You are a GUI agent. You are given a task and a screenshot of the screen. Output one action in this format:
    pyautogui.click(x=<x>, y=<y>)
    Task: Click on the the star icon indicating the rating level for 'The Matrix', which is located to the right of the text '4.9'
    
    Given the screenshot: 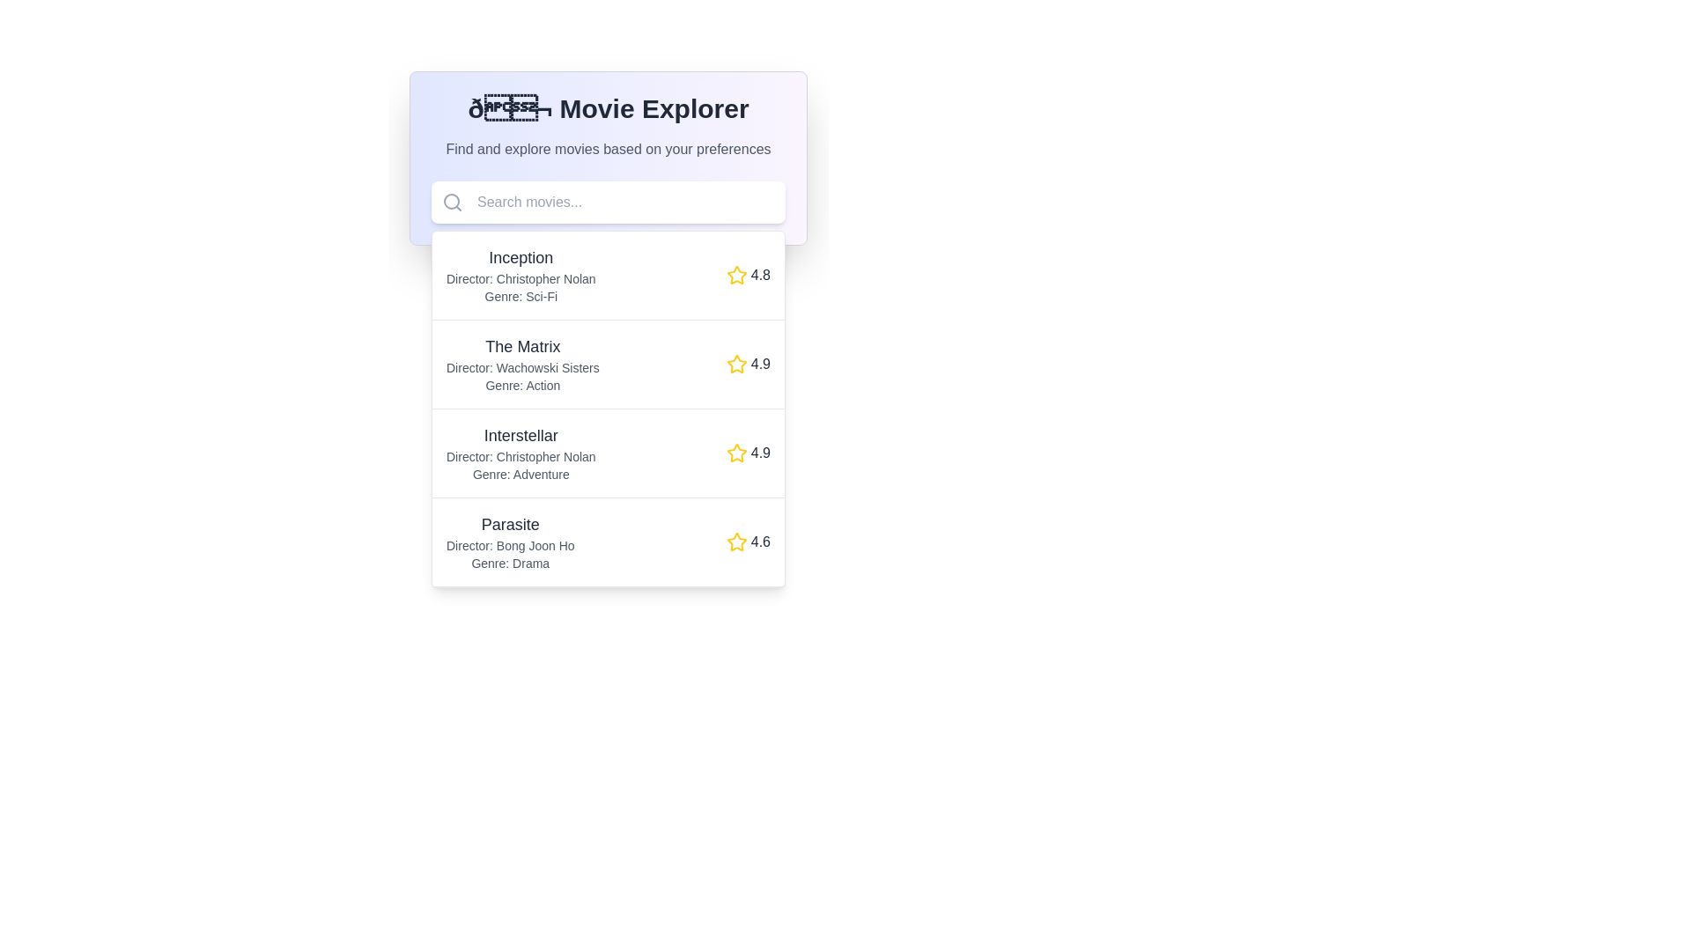 What is the action you would take?
    pyautogui.click(x=736, y=363)
    